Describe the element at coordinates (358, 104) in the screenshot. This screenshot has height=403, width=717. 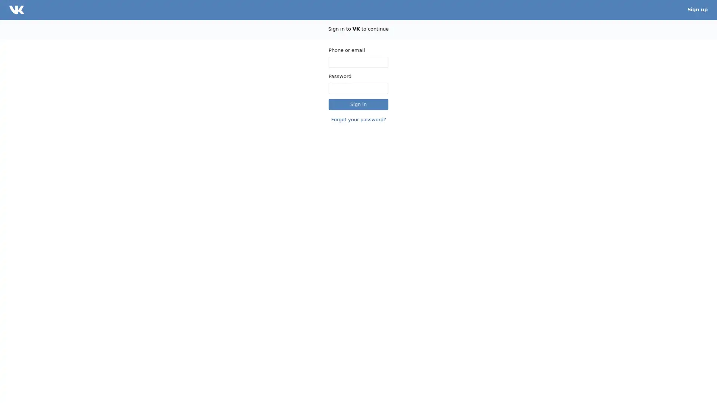
I see `Sign in` at that location.